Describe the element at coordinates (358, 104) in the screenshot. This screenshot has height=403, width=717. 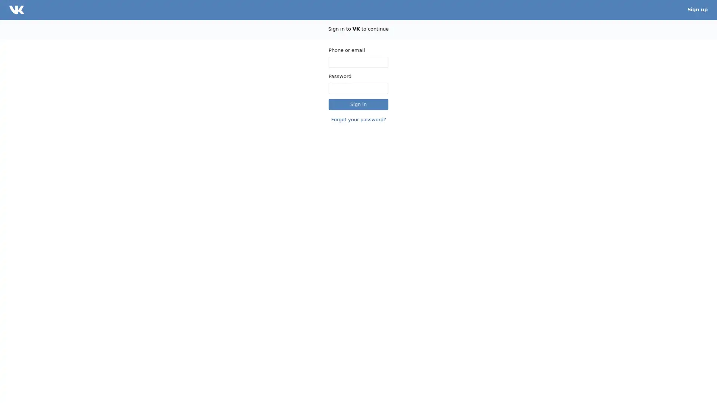
I see `Sign in` at that location.